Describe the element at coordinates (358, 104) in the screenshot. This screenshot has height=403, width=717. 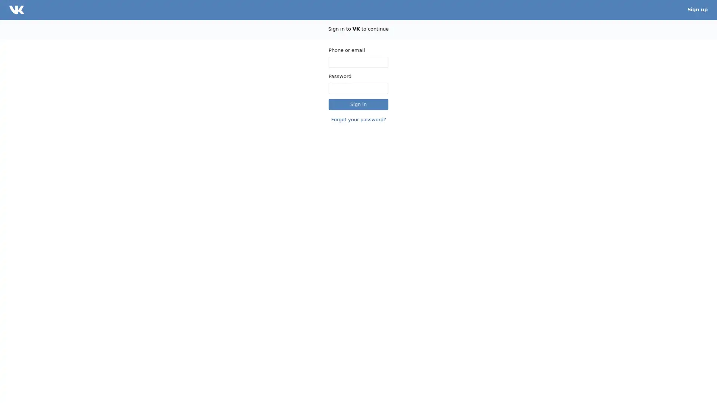
I see `Sign in` at that location.